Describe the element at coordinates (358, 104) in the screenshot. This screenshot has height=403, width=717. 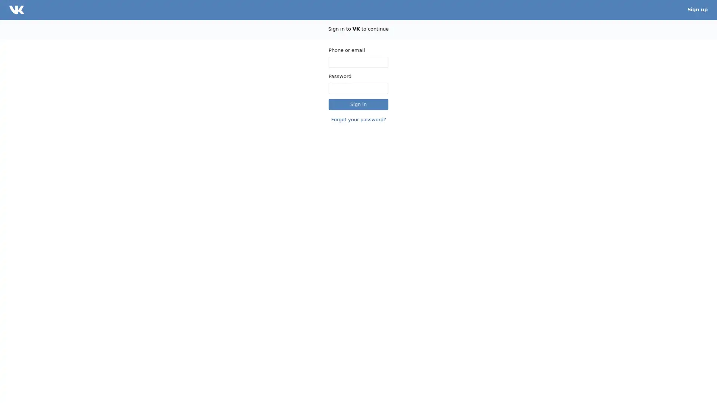
I see `Sign in` at that location.